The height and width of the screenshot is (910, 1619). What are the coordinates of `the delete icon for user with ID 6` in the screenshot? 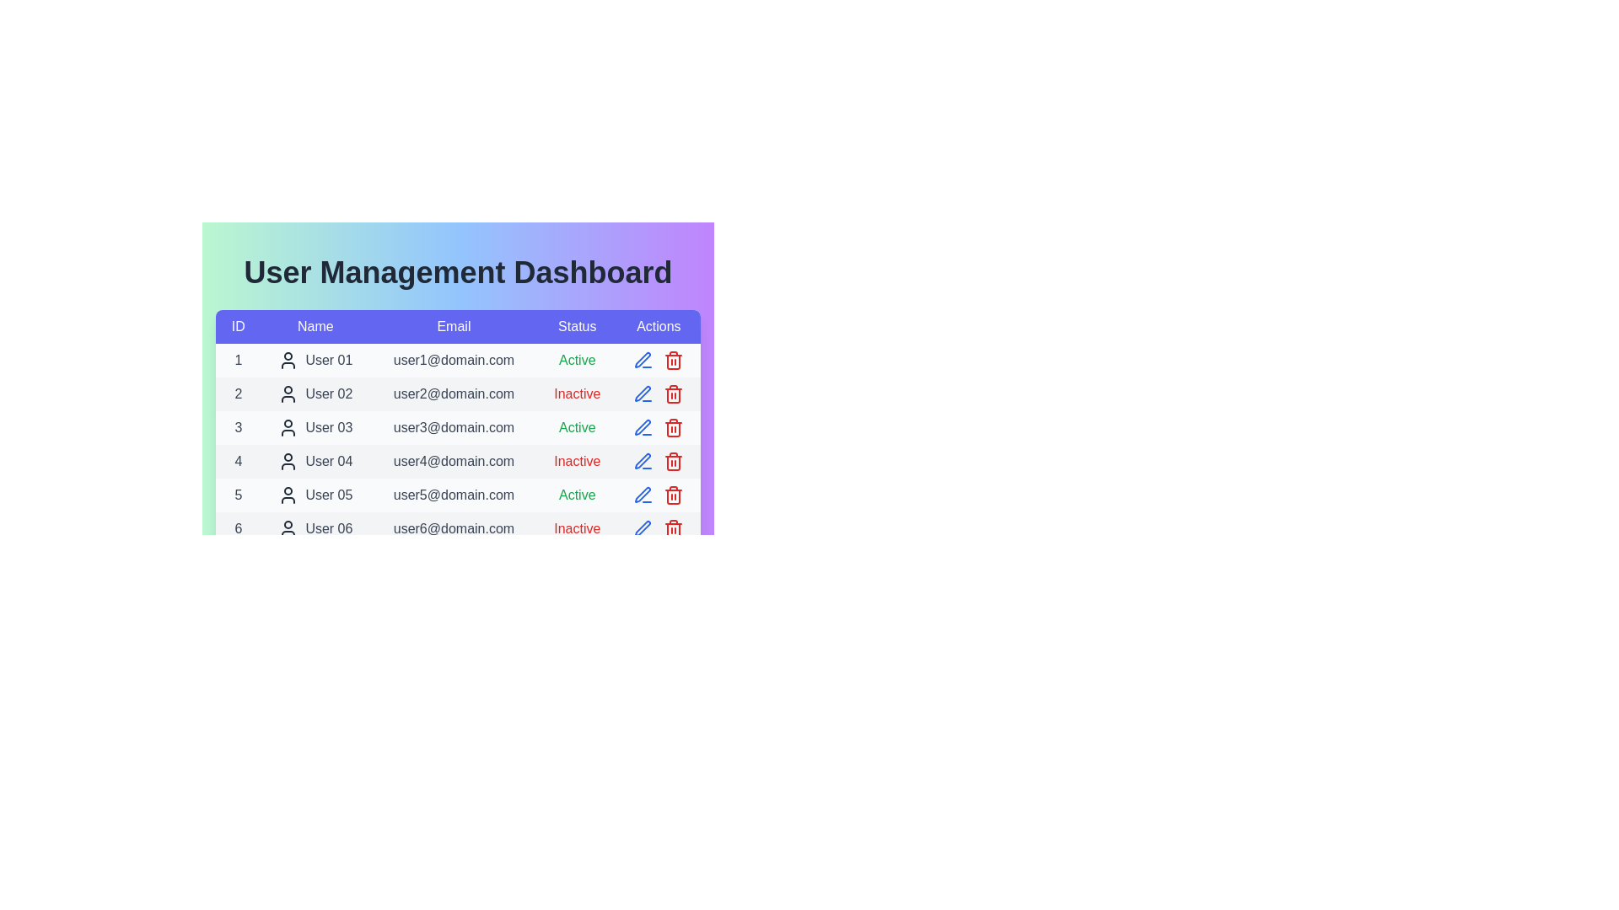 It's located at (673, 528).